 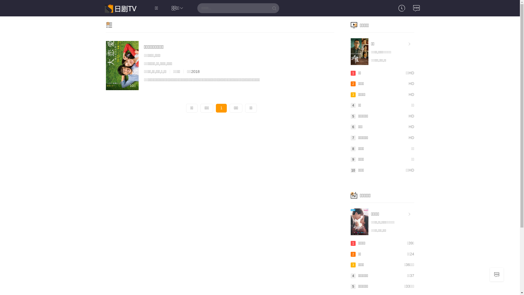 I want to click on '1', so click(x=216, y=108).